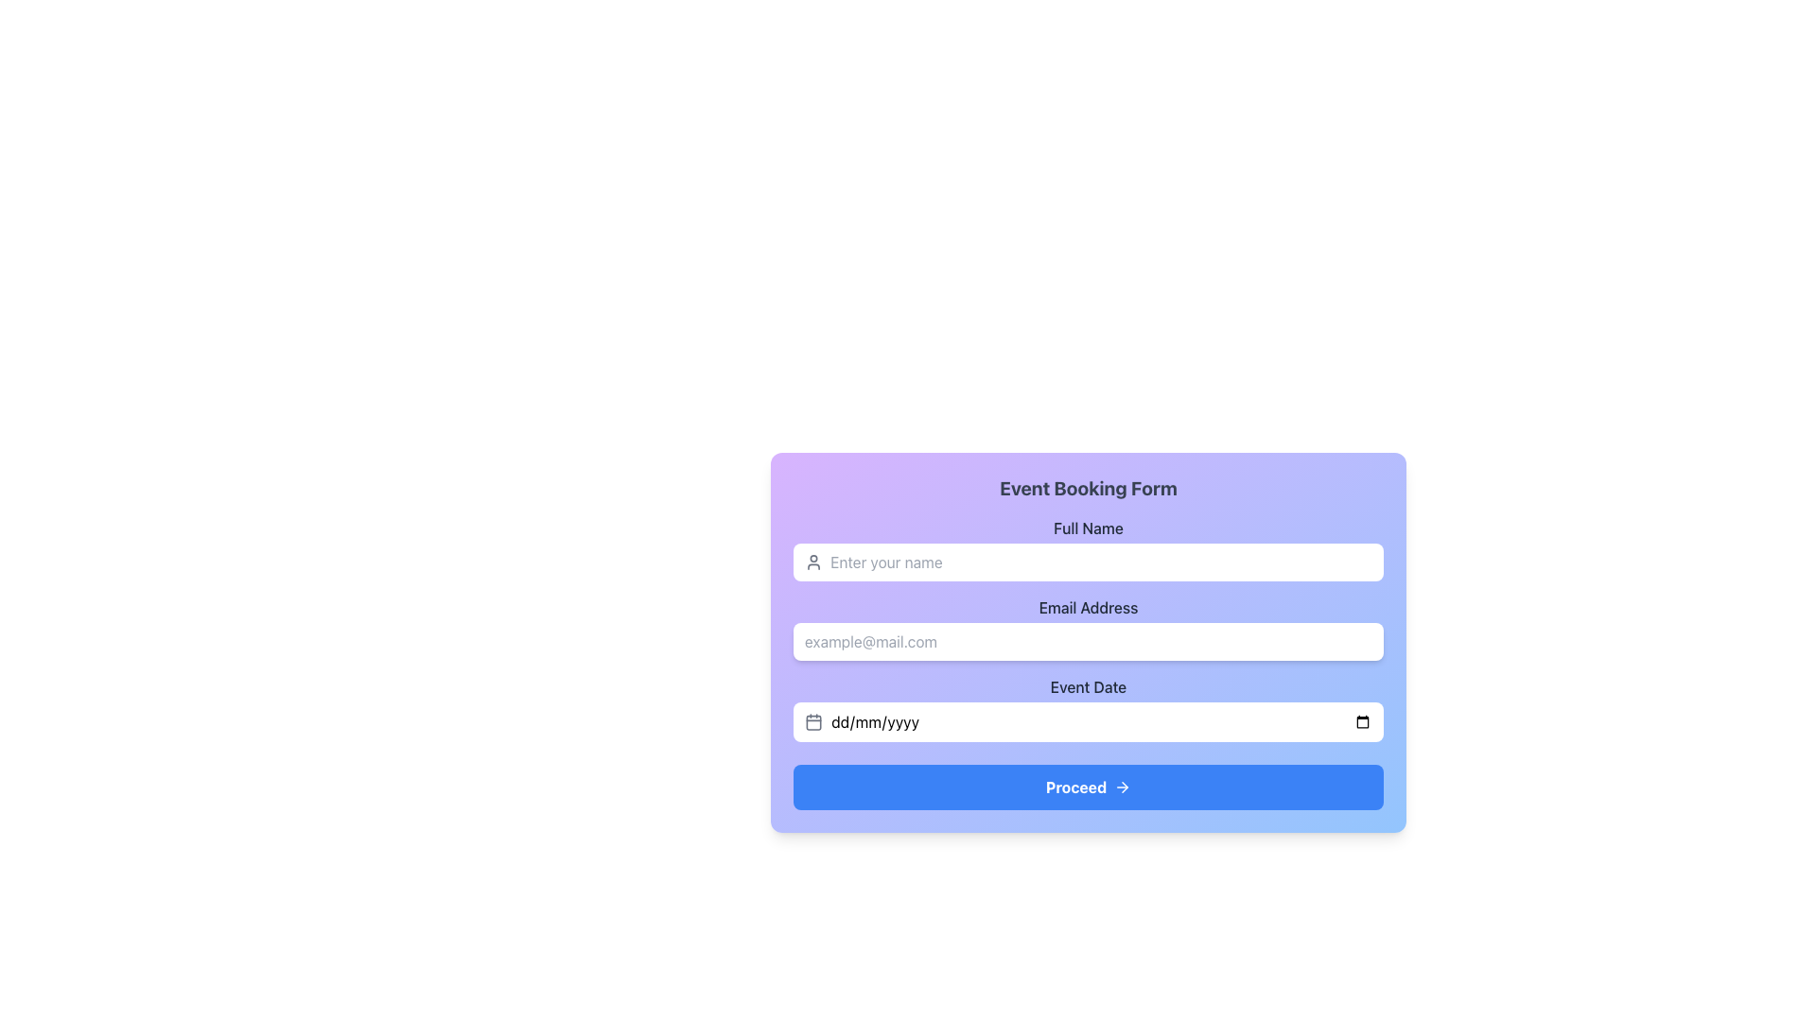 The width and height of the screenshot is (1816, 1021). What do you see at coordinates (1101, 721) in the screenshot?
I see `the Date Input Field` at bounding box center [1101, 721].